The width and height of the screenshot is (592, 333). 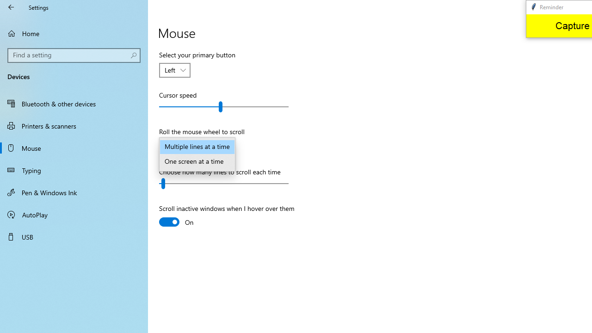 I want to click on 'Select your primary button', so click(x=175, y=69).